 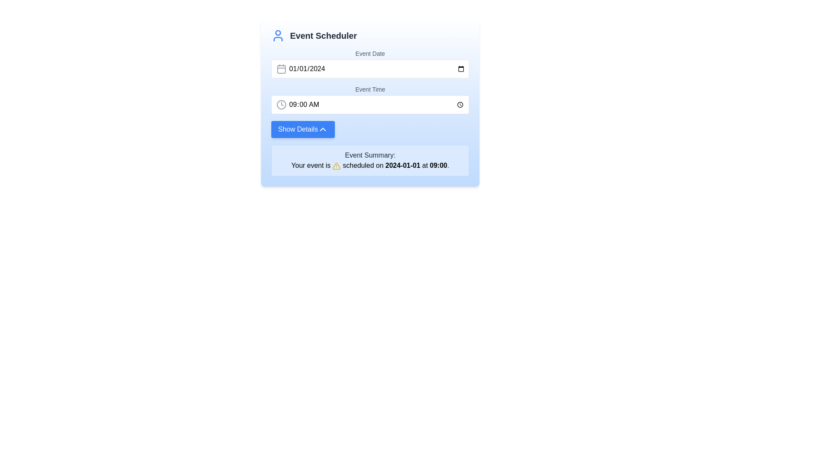 I want to click on the clock icon located to the left of the 'Event Time' input field, which visually indicates the purpose of the time input, so click(x=282, y=104).